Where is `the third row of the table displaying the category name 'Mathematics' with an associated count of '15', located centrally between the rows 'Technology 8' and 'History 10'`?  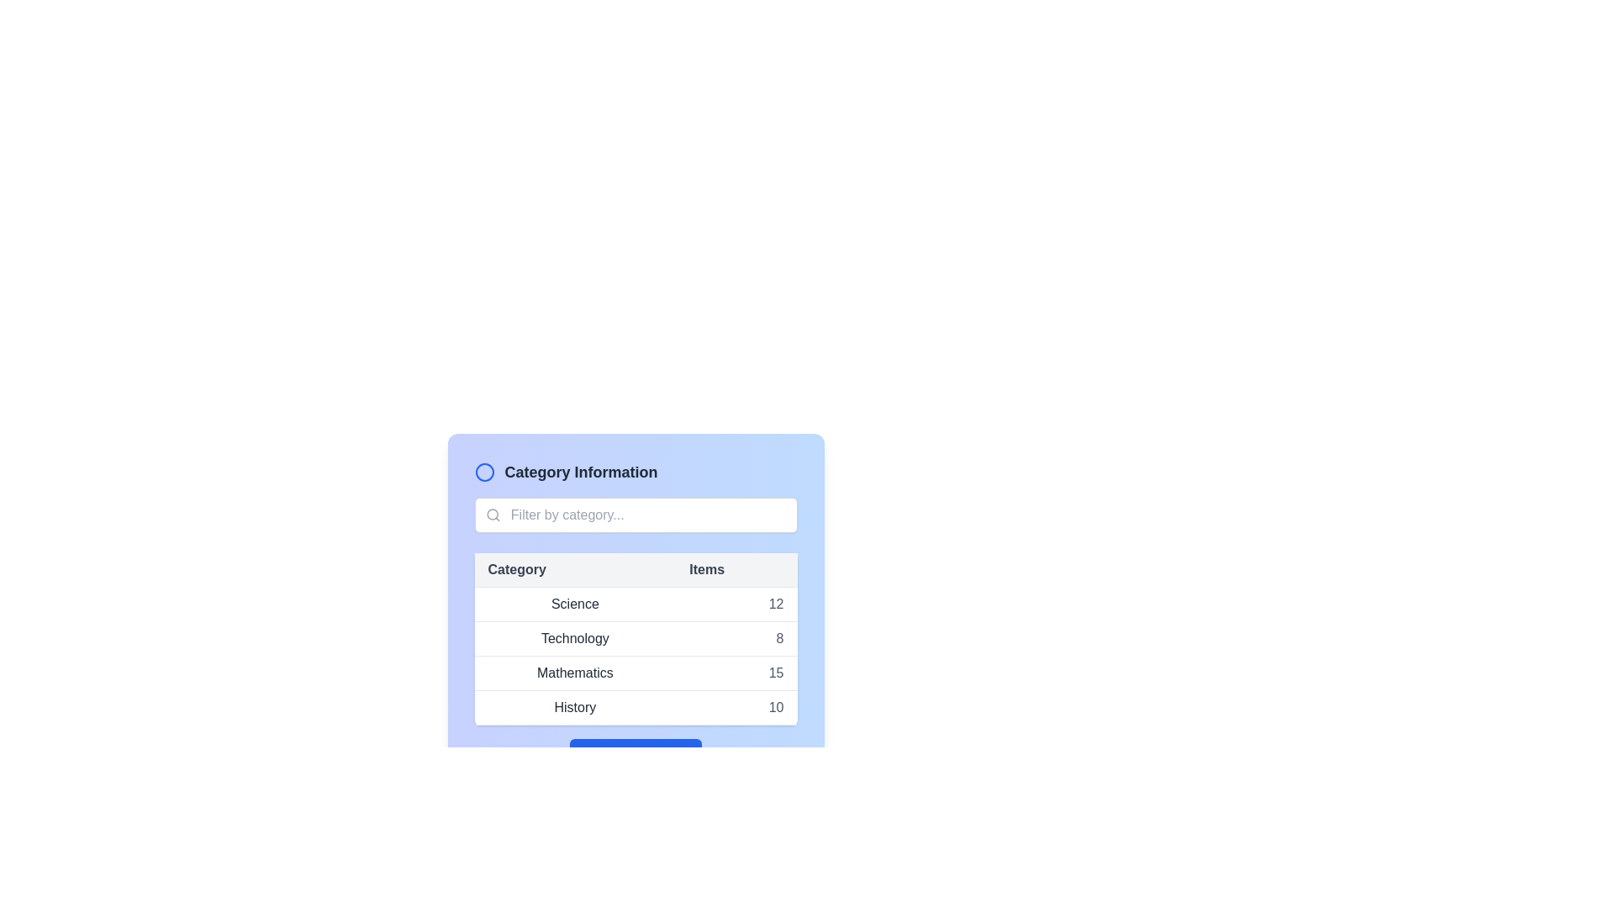
the third row of the table displaying the category name 'Mathematics' with an associated count of '15', located centrally between the rows 'Technology 8' and 'History 10' is located at coordinates (635, 673).